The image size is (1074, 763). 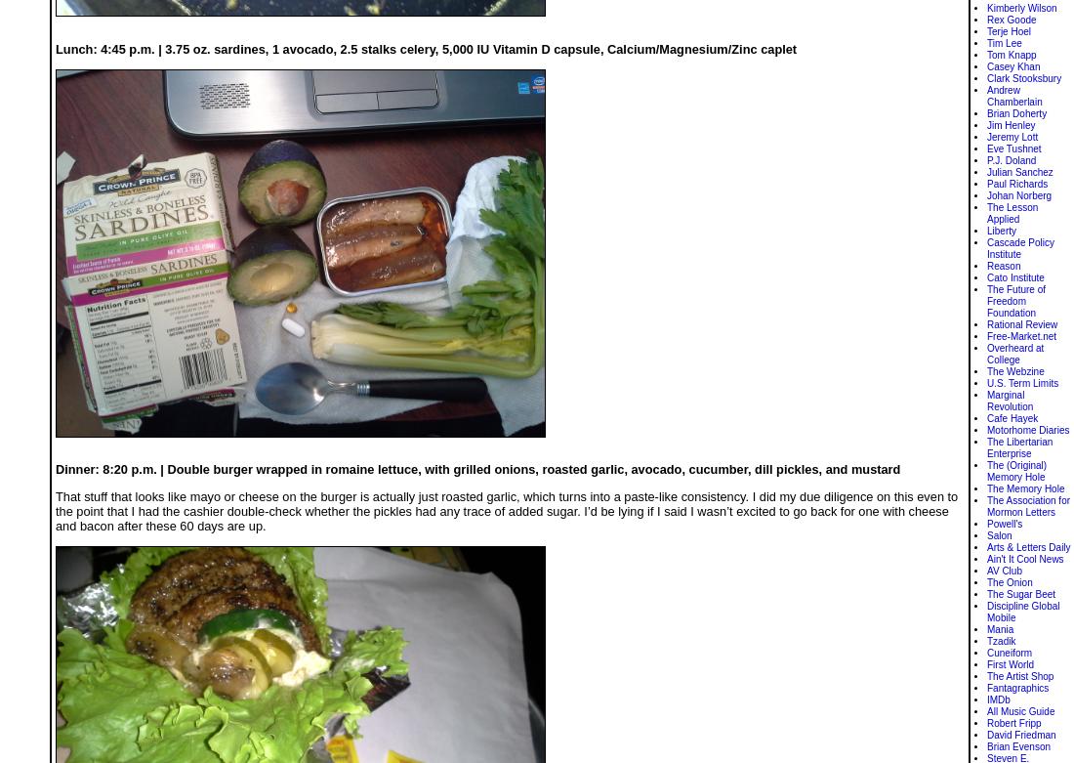 I want to click on 'Terje Hoel', so click(x=986, y=31).